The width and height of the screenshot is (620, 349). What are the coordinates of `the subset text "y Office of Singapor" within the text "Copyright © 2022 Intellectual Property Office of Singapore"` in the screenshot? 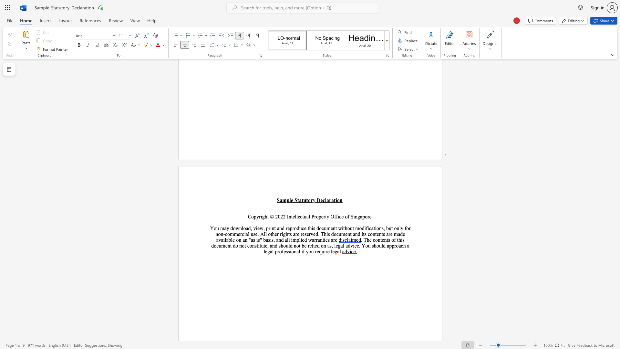 It's located at (326, 217).